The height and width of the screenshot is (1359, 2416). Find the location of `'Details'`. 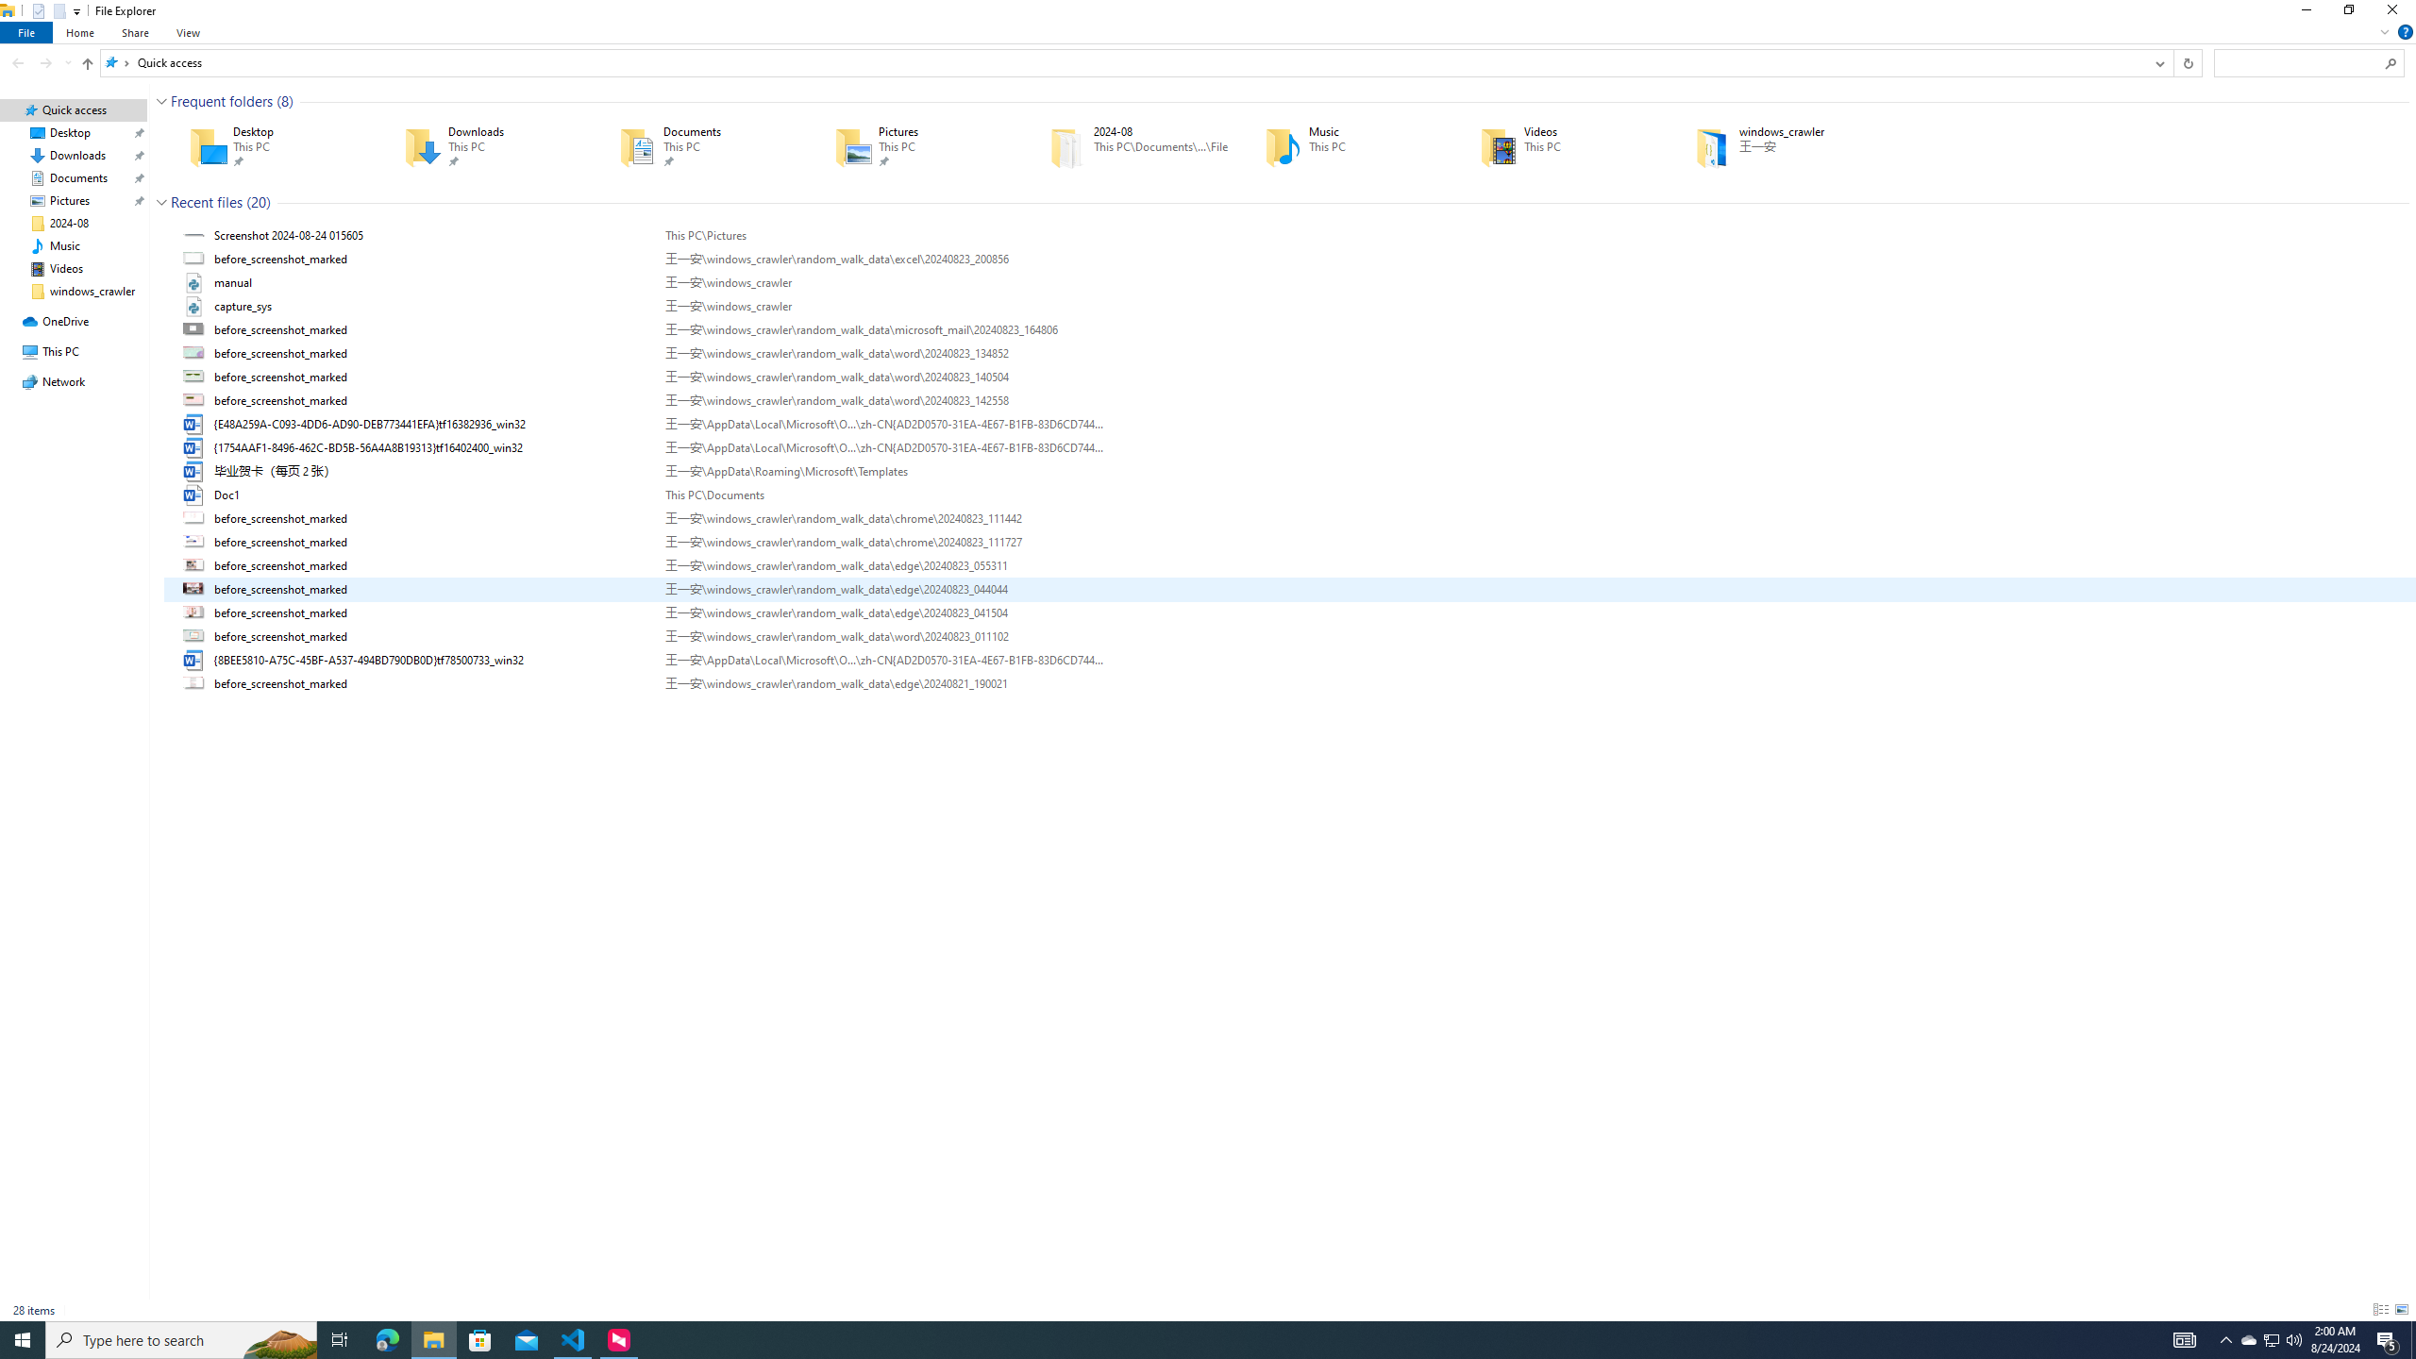

'Details' is located at coordinates (2380, 1309).